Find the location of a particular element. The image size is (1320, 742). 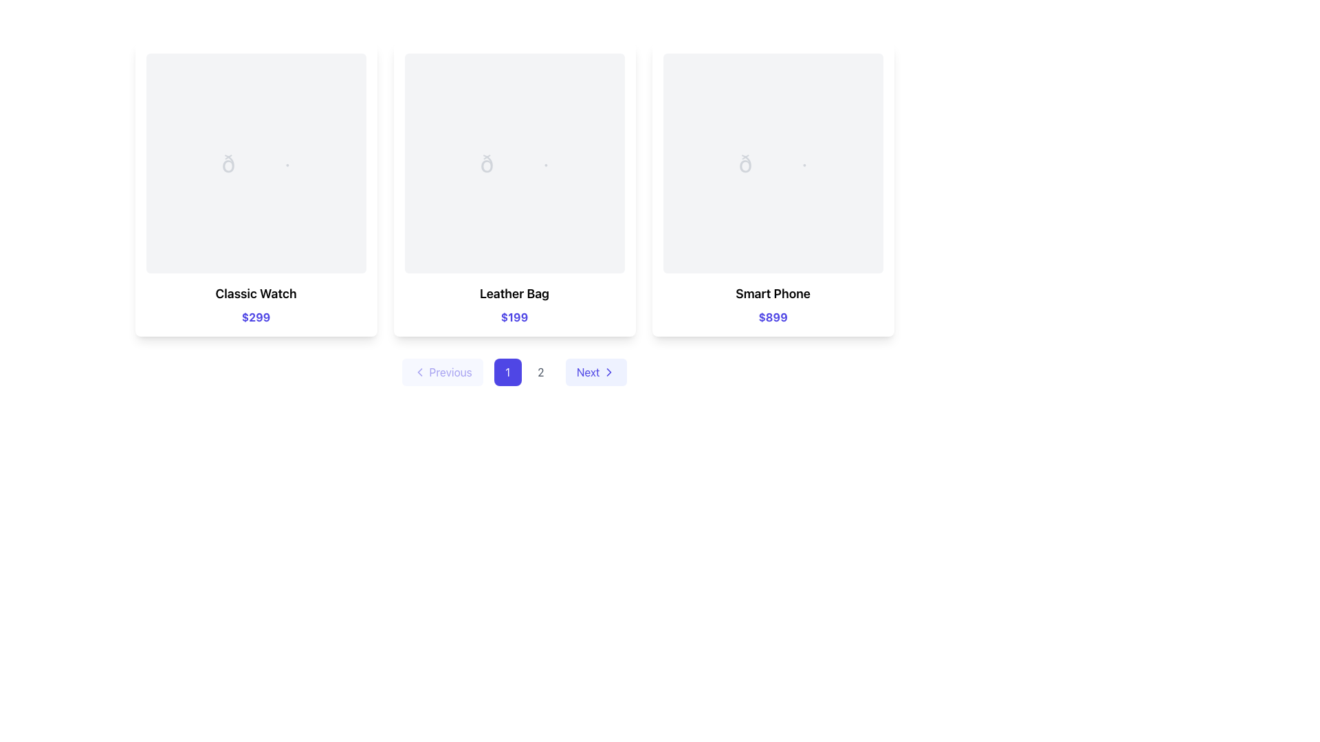

the first pagination button with a deep blue background and white text displaying '1' is located at coordinates (514, 372).